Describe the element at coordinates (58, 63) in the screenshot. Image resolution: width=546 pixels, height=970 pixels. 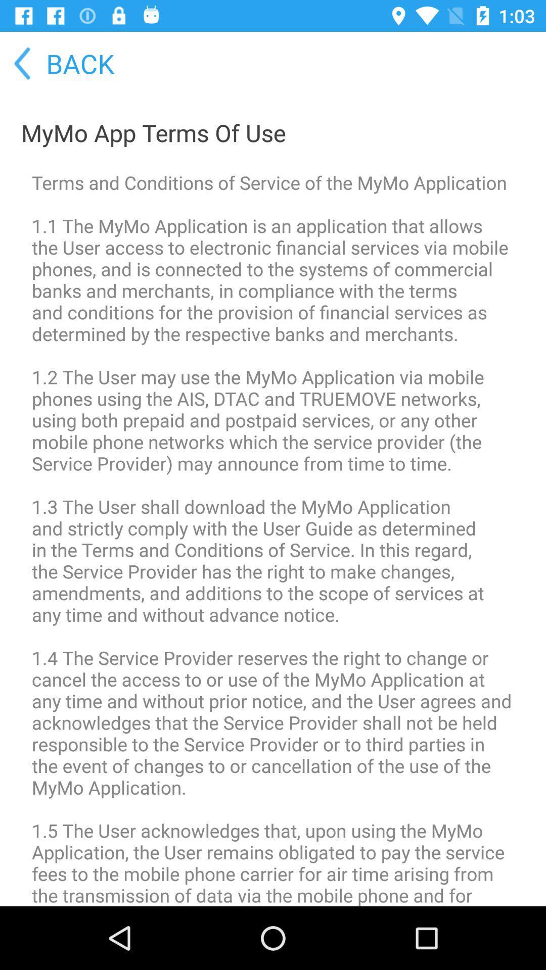
I see `the item above mymo app terms icon` at that location.